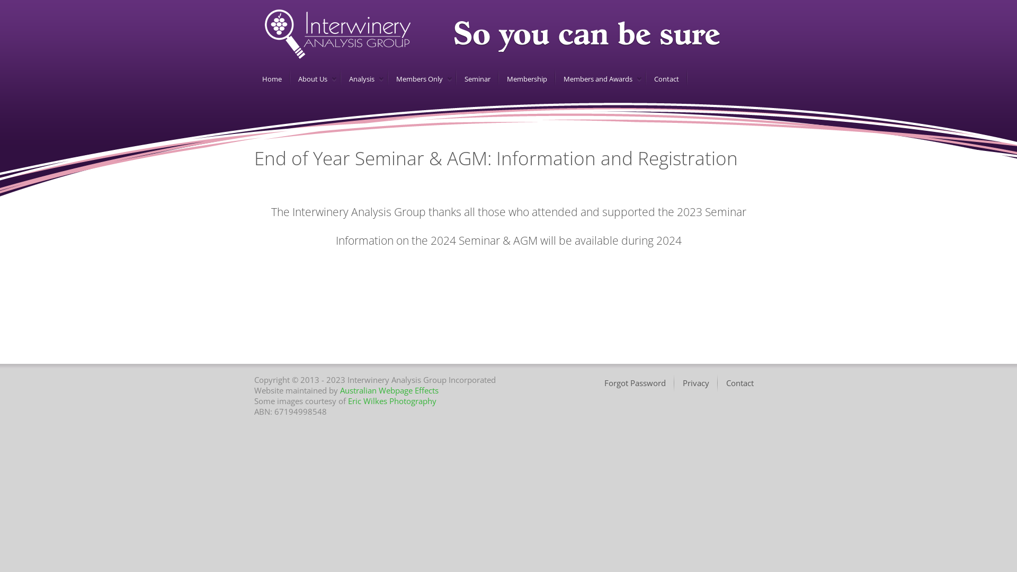 The height and width of the screenshot is (572, 1017). Describe the element at coordinates (340, 390) in the screenshot. I see `'Australian Webpage Effects'` at that location.